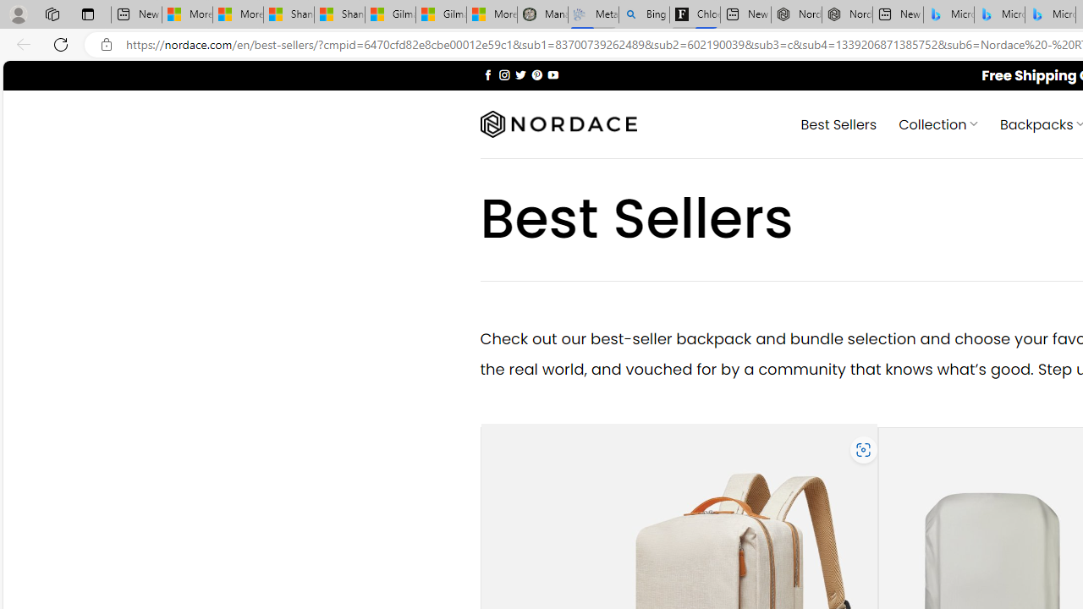 This screenshot has width=1083, height=609. Describe the element at coordinates (487, 74) in the screenshot. I see `'Follow on Facebook'` at that location.